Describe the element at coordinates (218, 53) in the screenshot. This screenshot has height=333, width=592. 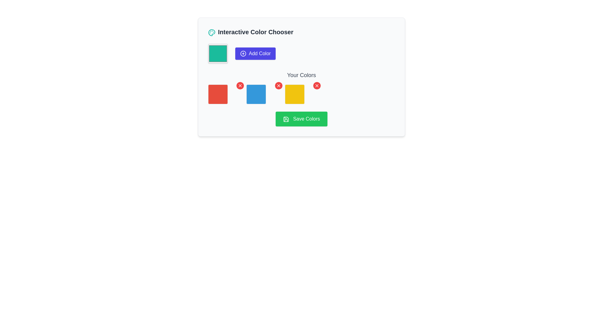
I see `the Color Picker element, which is a rounded square with a teal shade` at that location.